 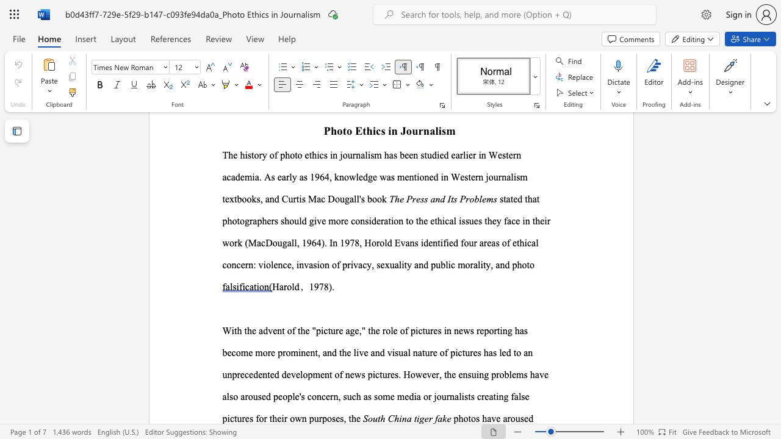 What do you see at coordinates (495, 330) in the screenshot?
I see `the 5th character "r" in the text` at bounding box center [495, 330].